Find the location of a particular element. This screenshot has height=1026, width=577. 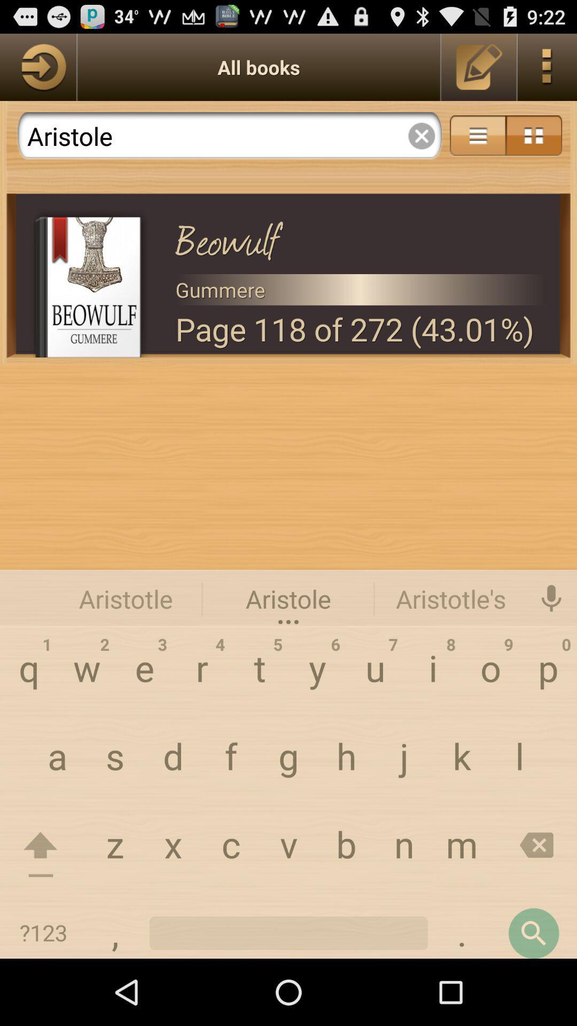

menu is located at coordinates (477, 135).